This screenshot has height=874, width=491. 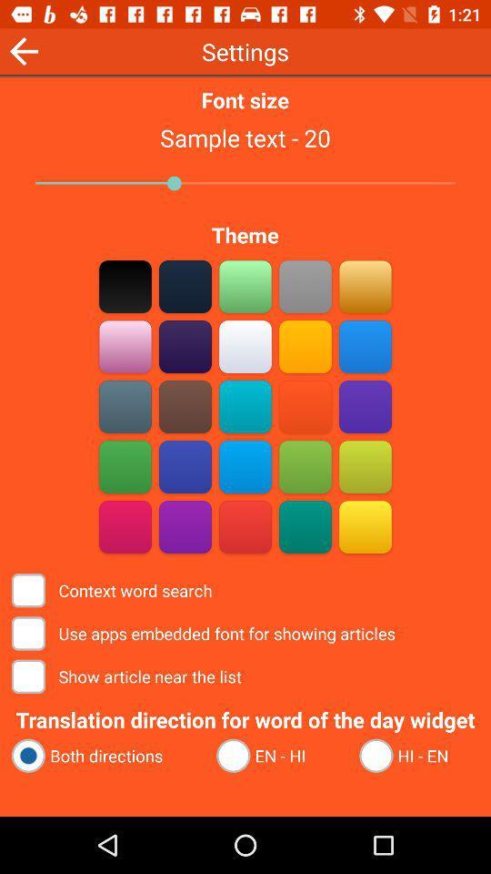 What do you see at coordinates (127, 676) in the screenshot?
I see `show article near` at bounding box center [127, 676].